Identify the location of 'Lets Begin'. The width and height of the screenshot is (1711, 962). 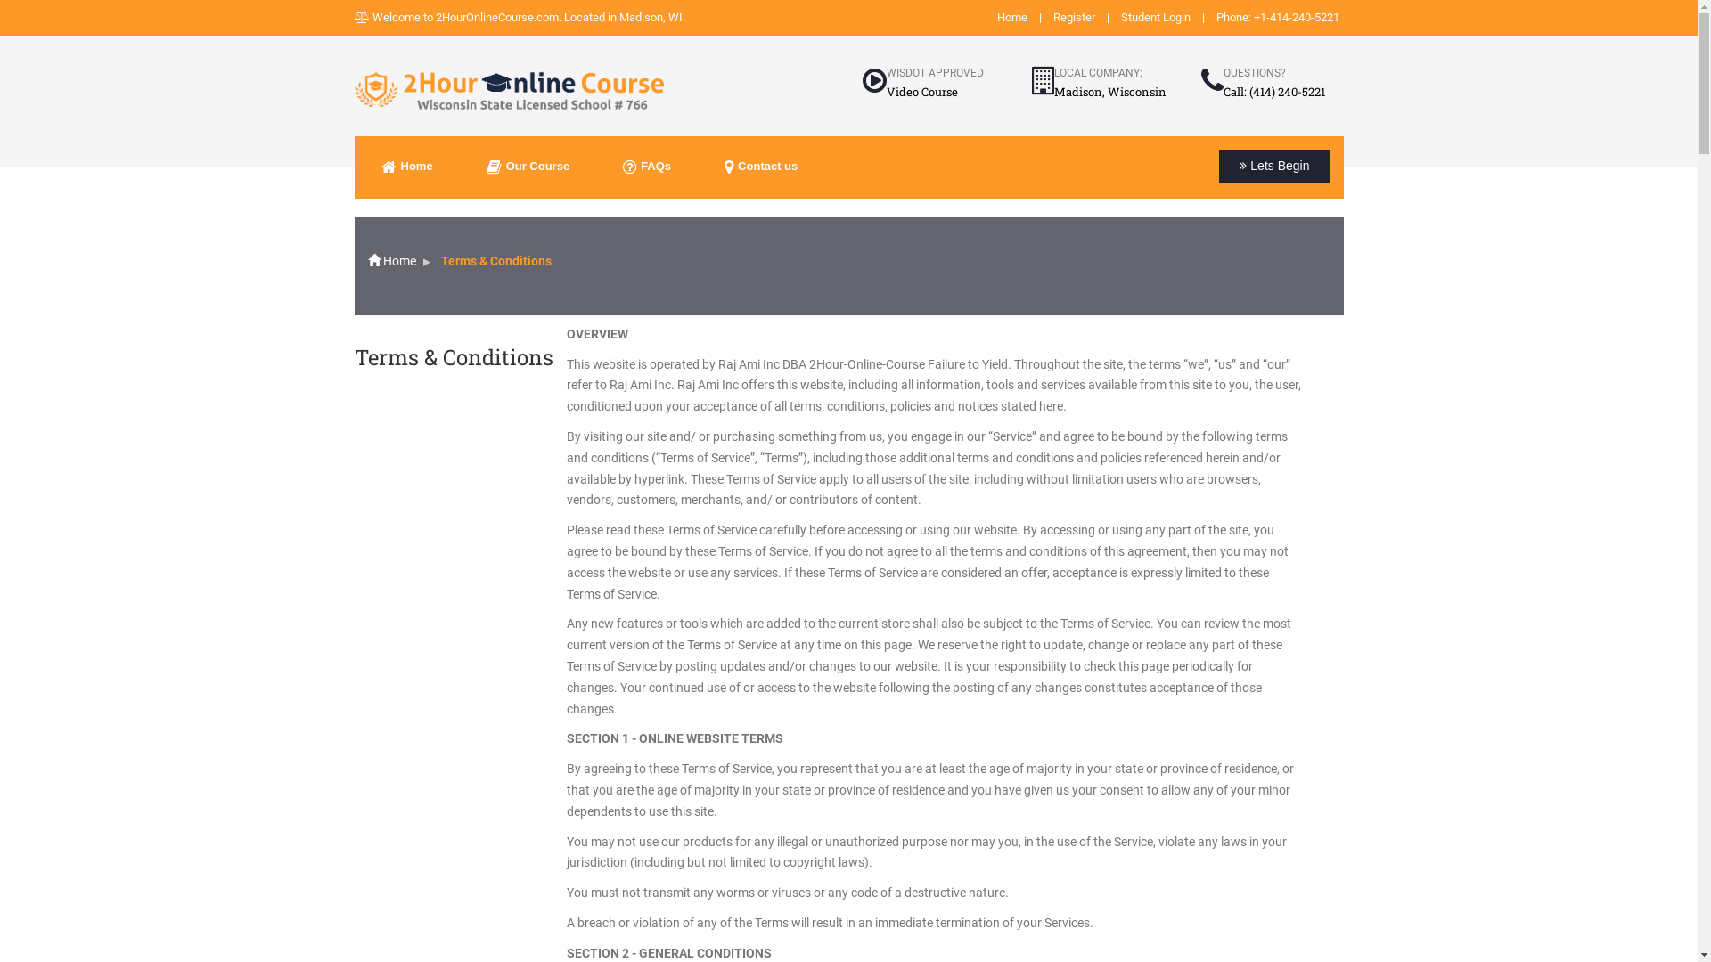
(1273, 166).